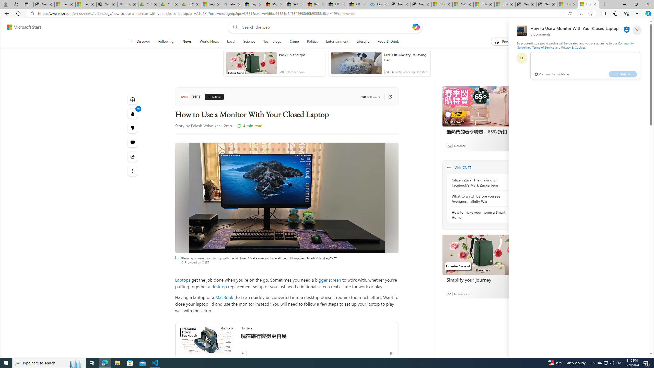 The width and height of the screenshot is (654, 368). Describe the element at coordinates (132, 113) in the screenshot. I see `'69 Like'` at that location.